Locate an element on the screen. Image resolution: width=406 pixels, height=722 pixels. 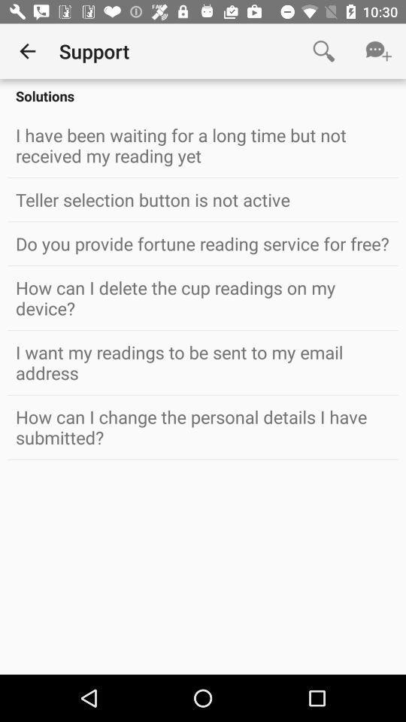
do you provide icon is located at coordinates (203, 244).